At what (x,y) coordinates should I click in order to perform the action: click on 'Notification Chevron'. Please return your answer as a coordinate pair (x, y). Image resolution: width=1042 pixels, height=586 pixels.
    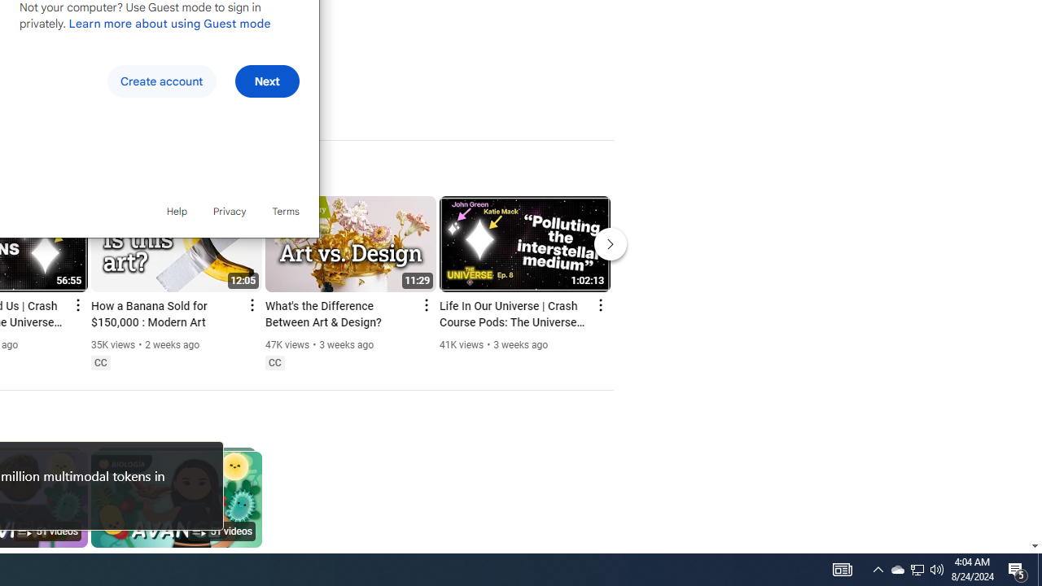
    Looking at the image, I should click on (878, 568).